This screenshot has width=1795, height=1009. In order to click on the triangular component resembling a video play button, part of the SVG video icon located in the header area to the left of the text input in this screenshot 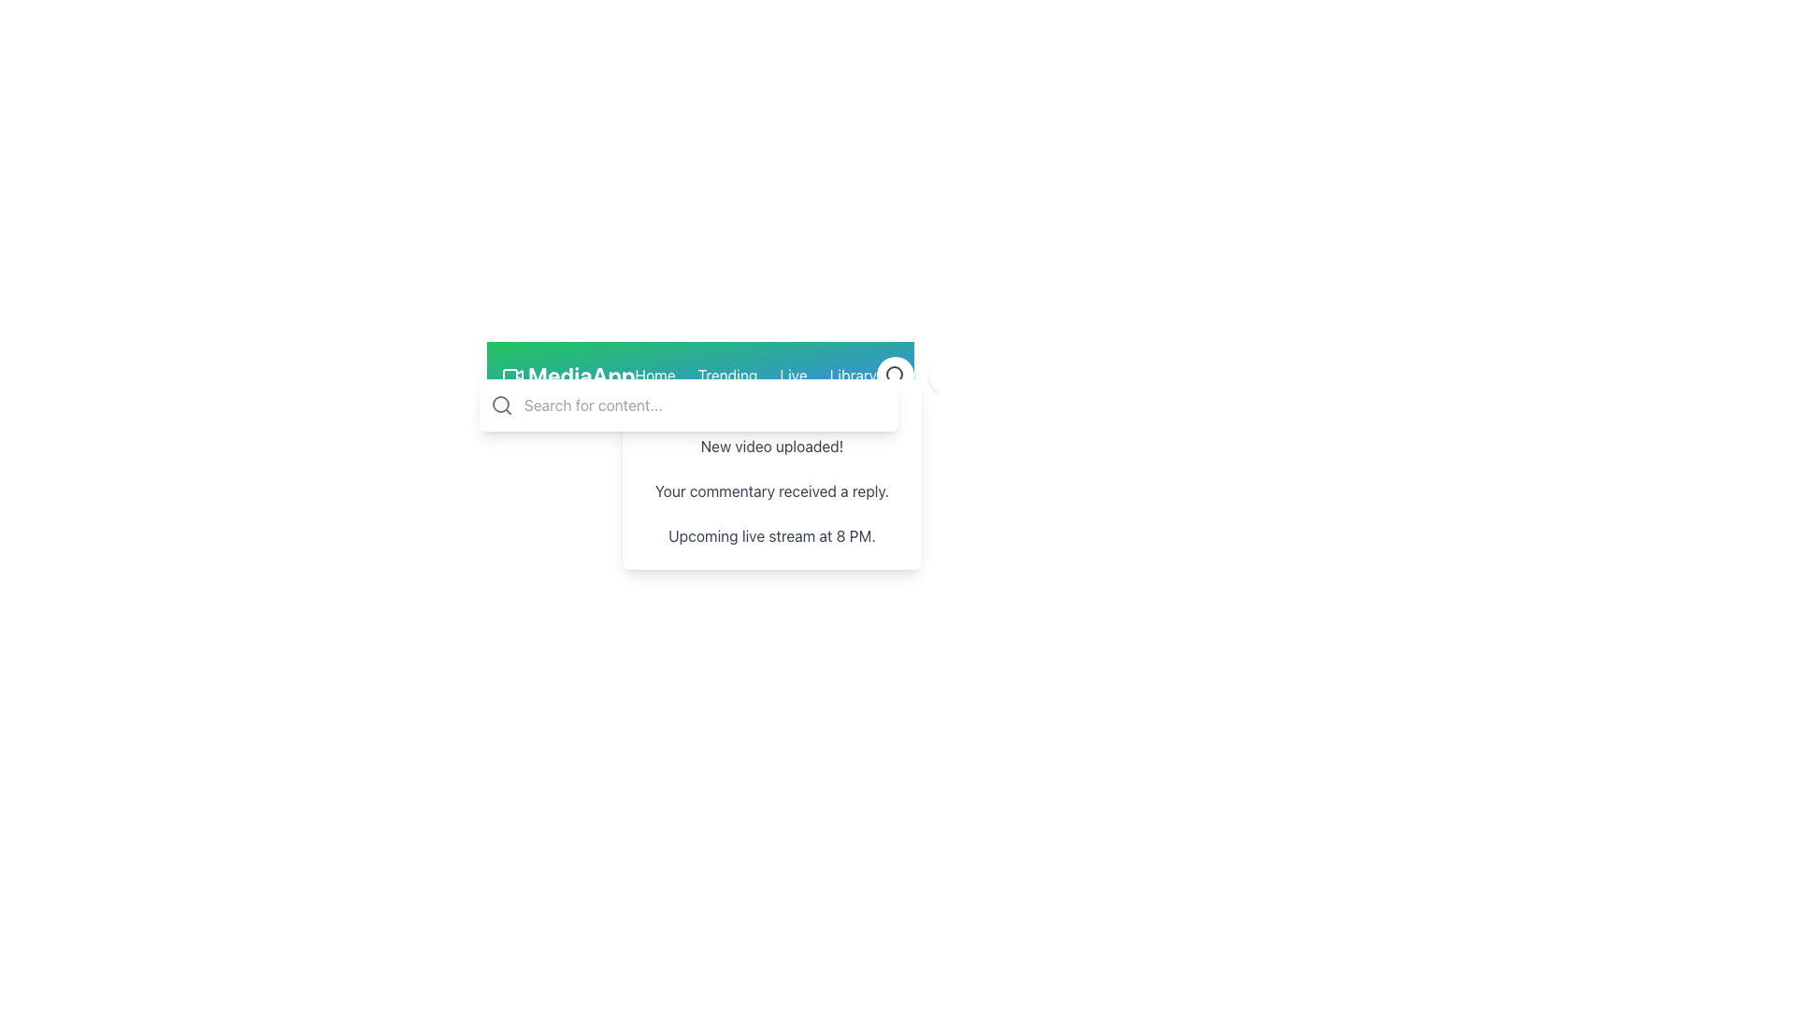, I will do `click(520, 375)`.